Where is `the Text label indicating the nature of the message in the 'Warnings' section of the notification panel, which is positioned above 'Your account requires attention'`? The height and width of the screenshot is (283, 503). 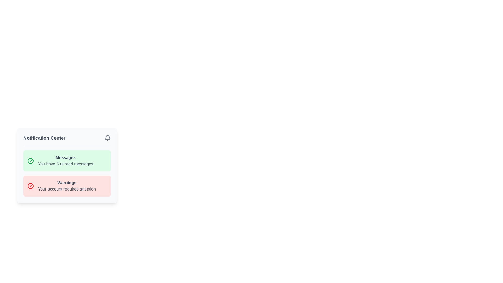
the Text label indicating the nature of the message in the 'Warnings' section of the notification panel, which is positioned above 'Your account requires attention' is located at coordinates (67, 183).